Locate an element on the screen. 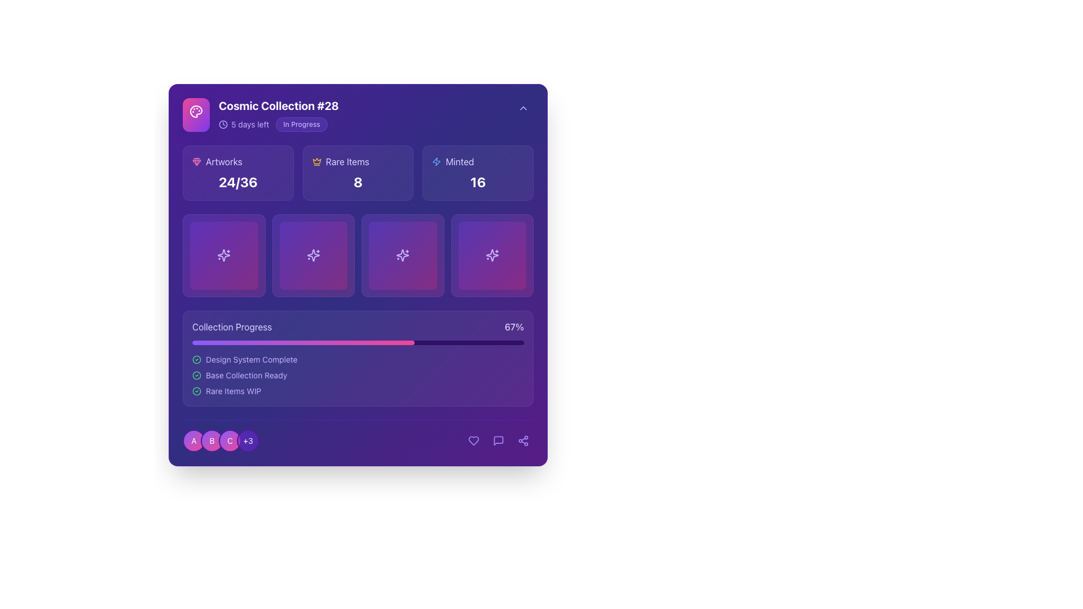 The image size is (1083, 609). the Progress tracker widget located in the lower half section of the layout, beneath a grid of four square items and above a footer section with circular icons is located at coordinates (357, 358).